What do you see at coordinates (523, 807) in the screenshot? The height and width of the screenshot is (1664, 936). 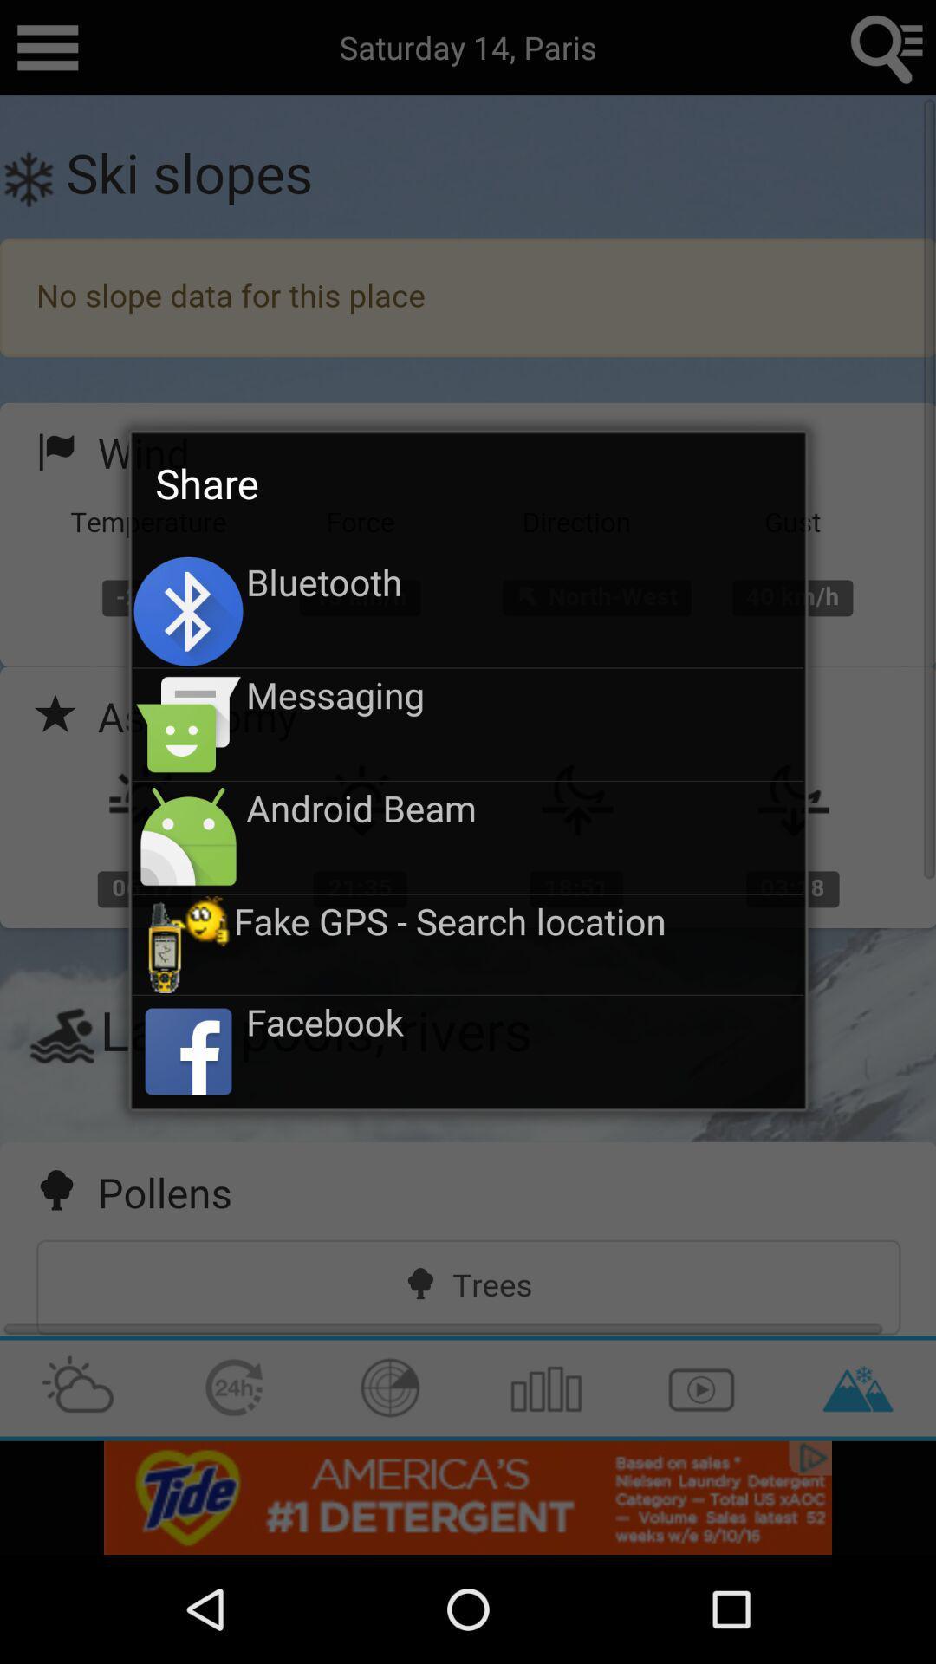 I see `the android beam icon` at bounding box center [523, 807].